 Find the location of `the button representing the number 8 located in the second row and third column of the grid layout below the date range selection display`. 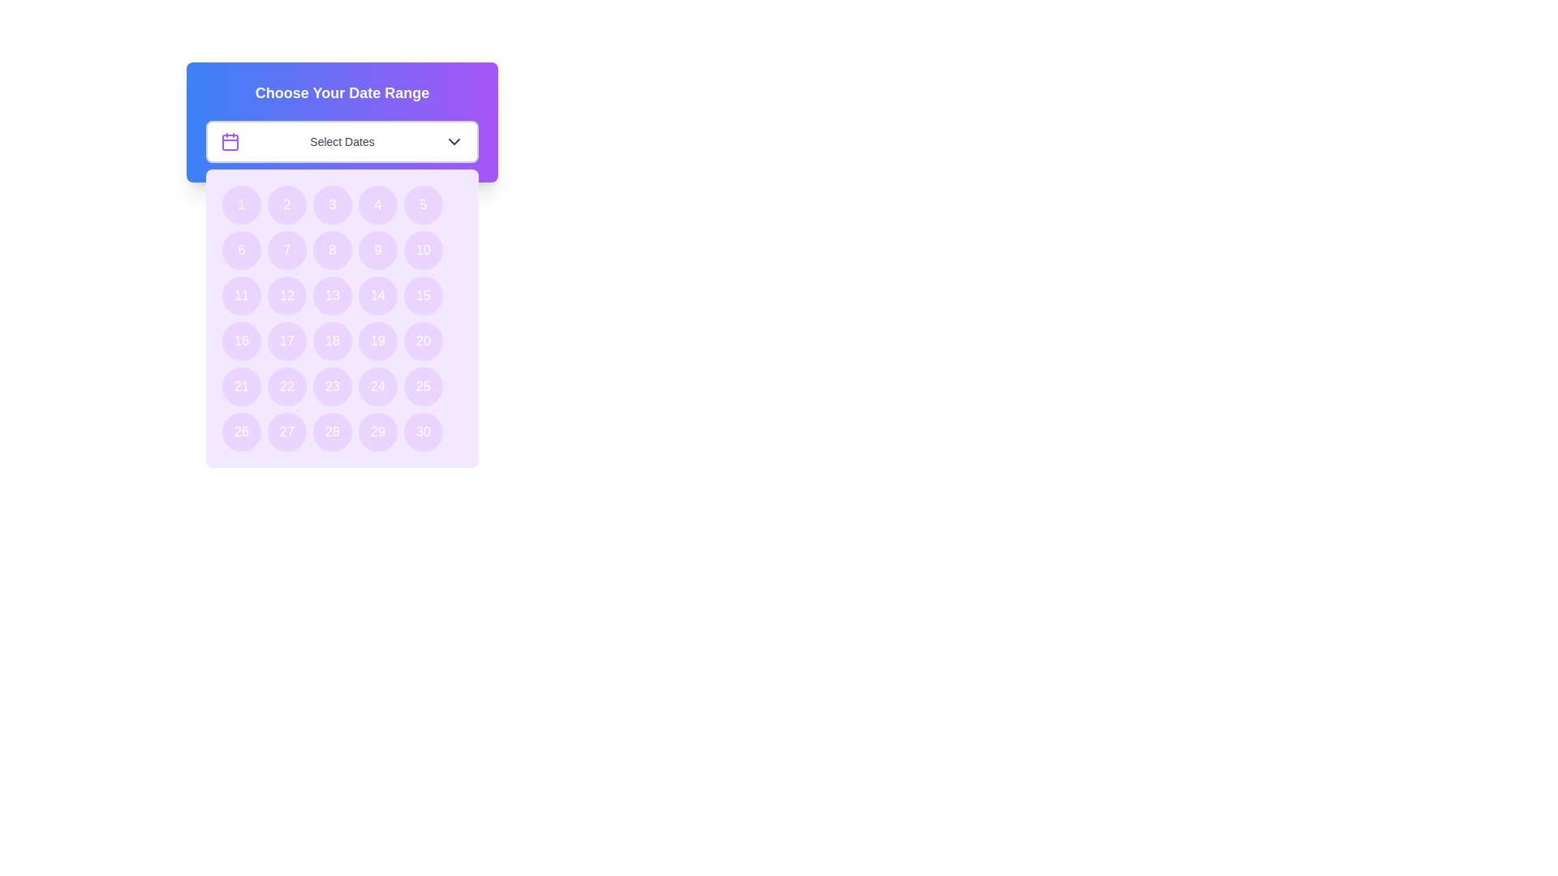

the button representing the number 8 located in the second row and third column of the grid layout below the date range selection display is located at coordinates (331, 250).